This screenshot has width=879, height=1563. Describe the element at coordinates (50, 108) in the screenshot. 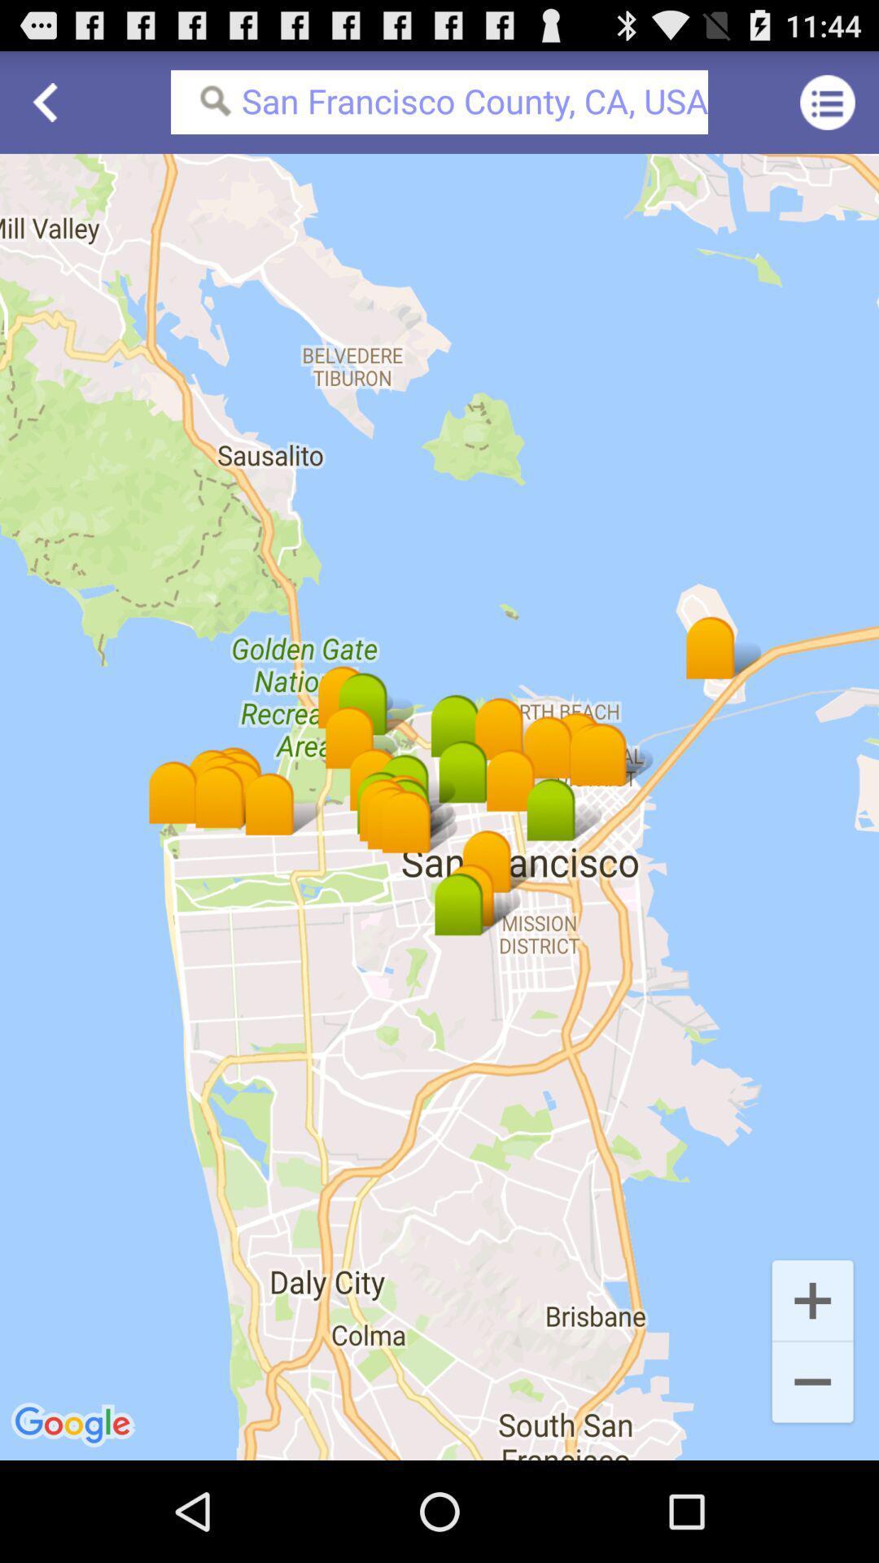

I see `the arrow_backward icon` at that location.